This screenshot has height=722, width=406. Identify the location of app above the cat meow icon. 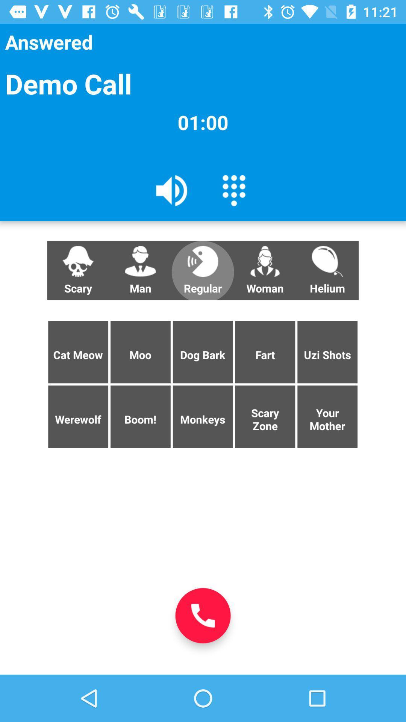
(140, 270).